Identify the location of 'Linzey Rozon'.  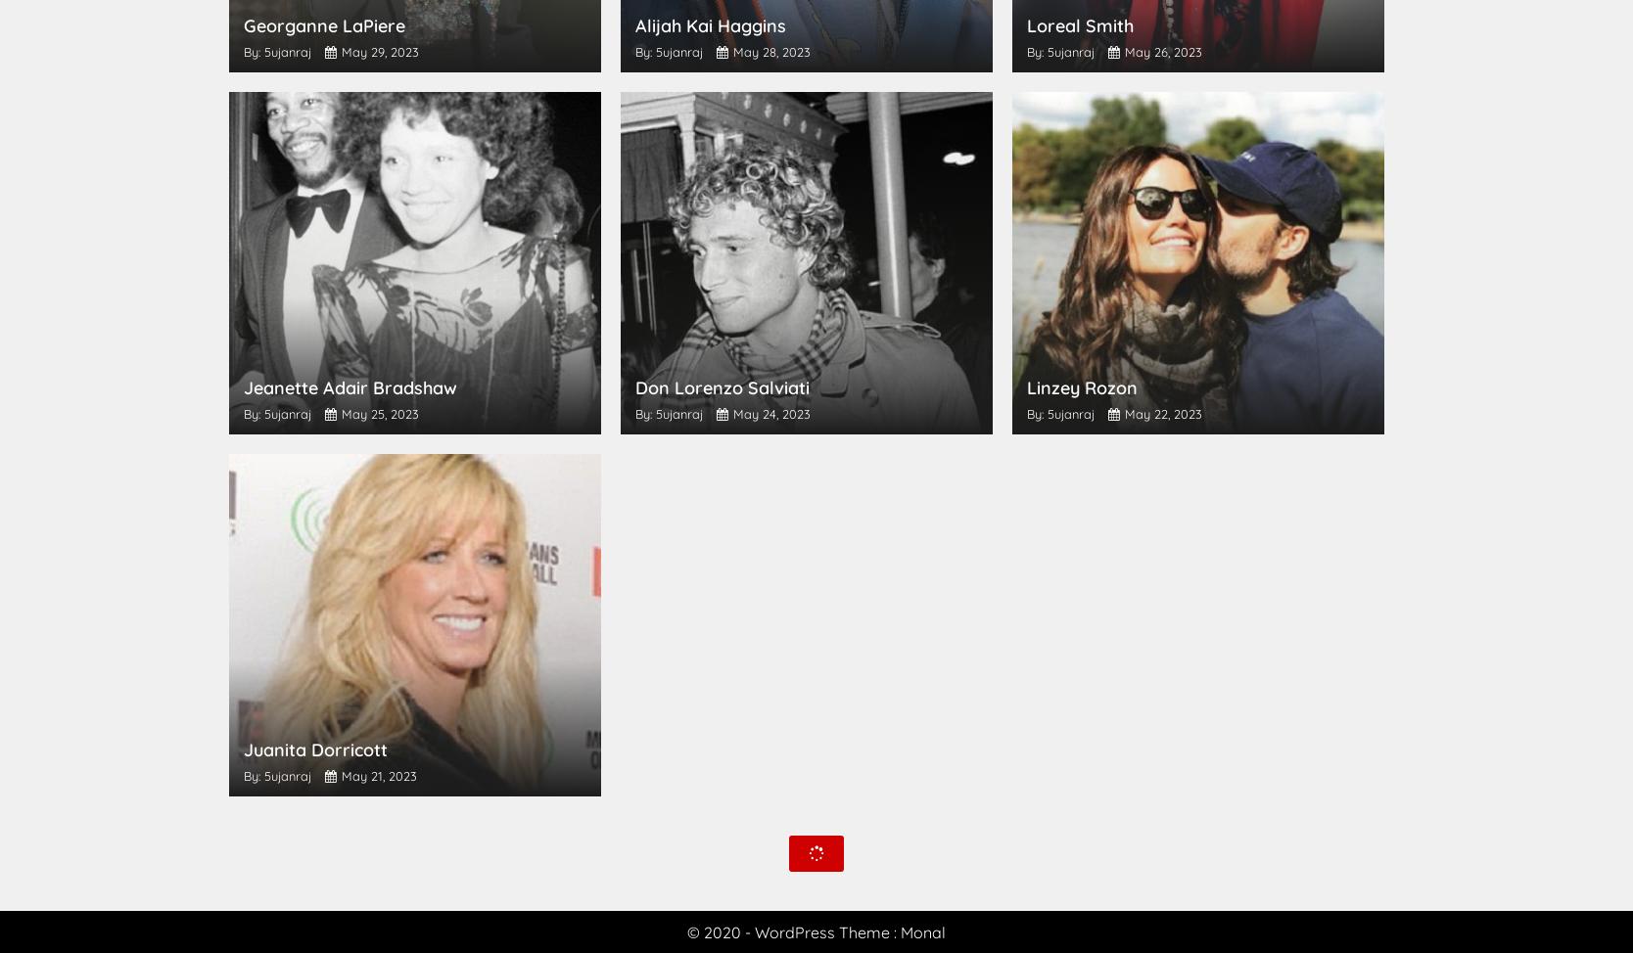
(1080, 387).